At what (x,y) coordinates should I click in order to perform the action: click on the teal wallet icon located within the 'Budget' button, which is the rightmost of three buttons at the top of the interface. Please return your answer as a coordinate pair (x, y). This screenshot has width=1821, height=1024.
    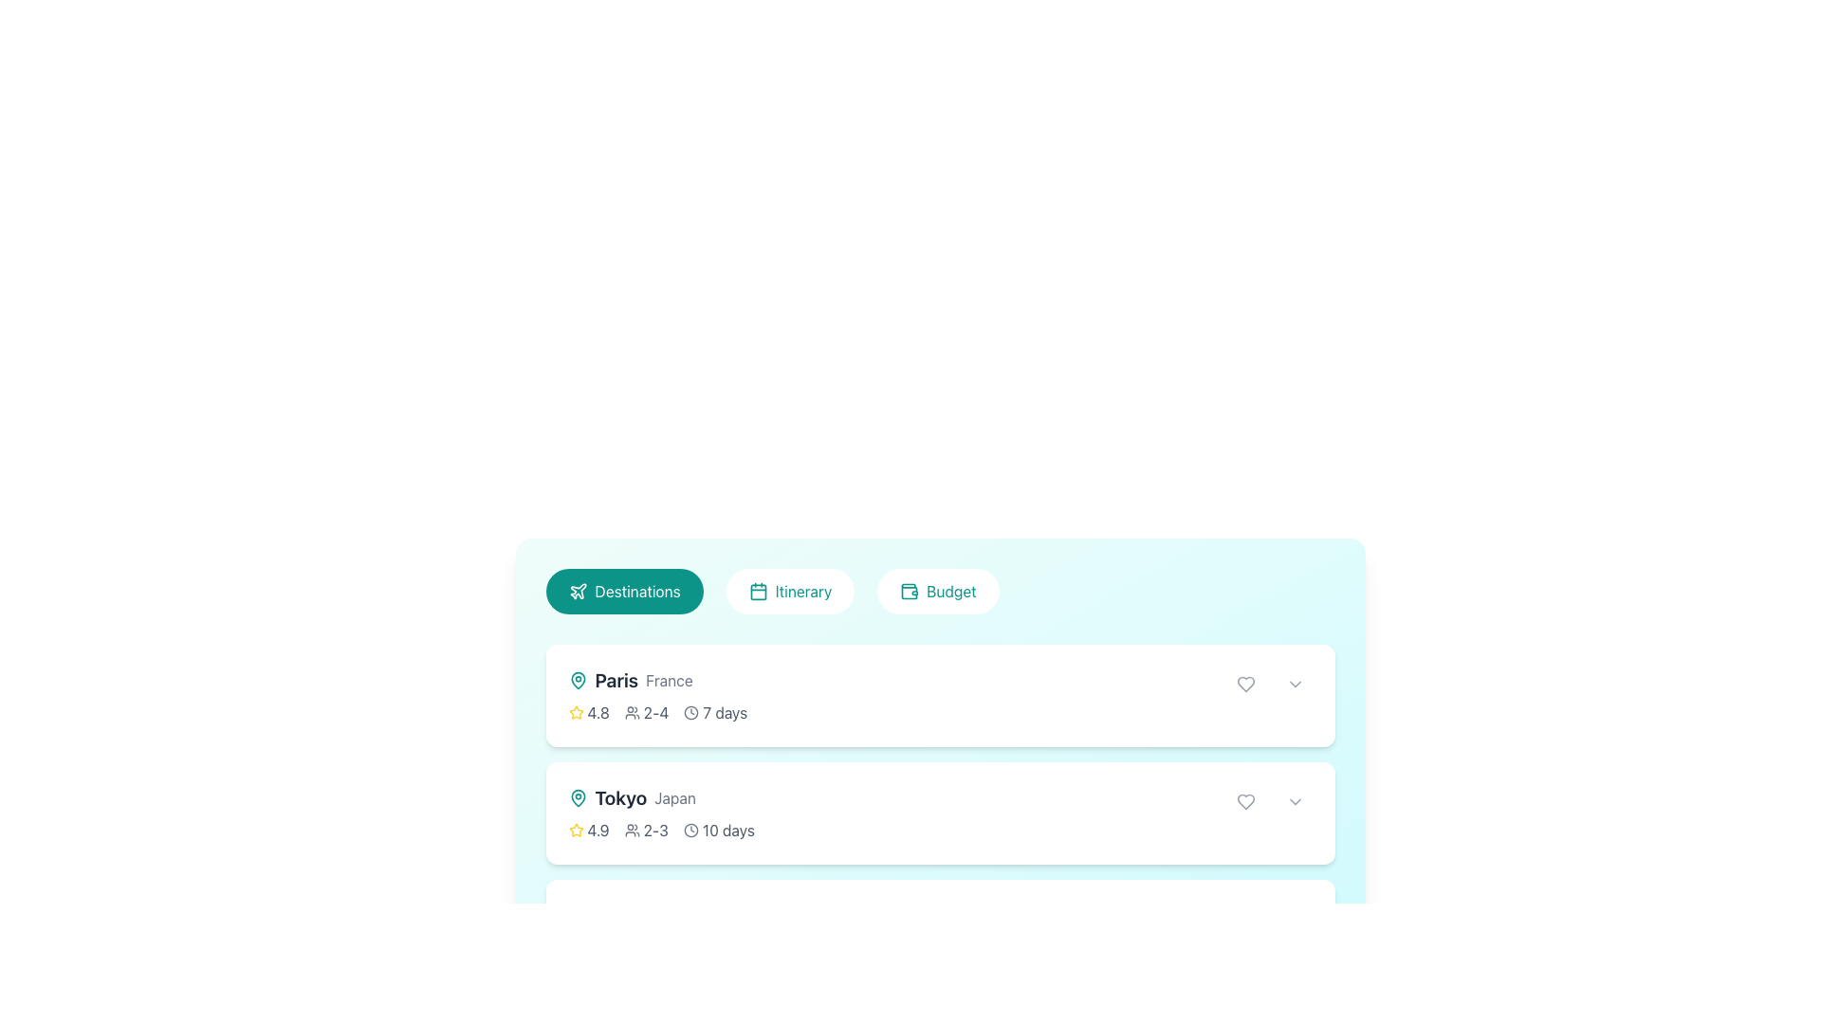
    Looking at the image, I should click on (909, 591).